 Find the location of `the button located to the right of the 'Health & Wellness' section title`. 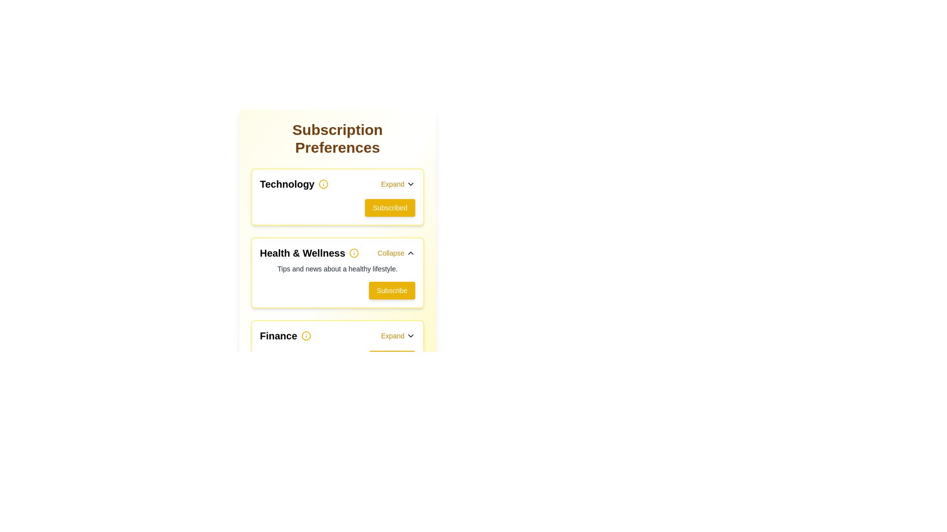

the button located to the right of the 'Health & Wellness' section title is located at coordinates (396, 252).